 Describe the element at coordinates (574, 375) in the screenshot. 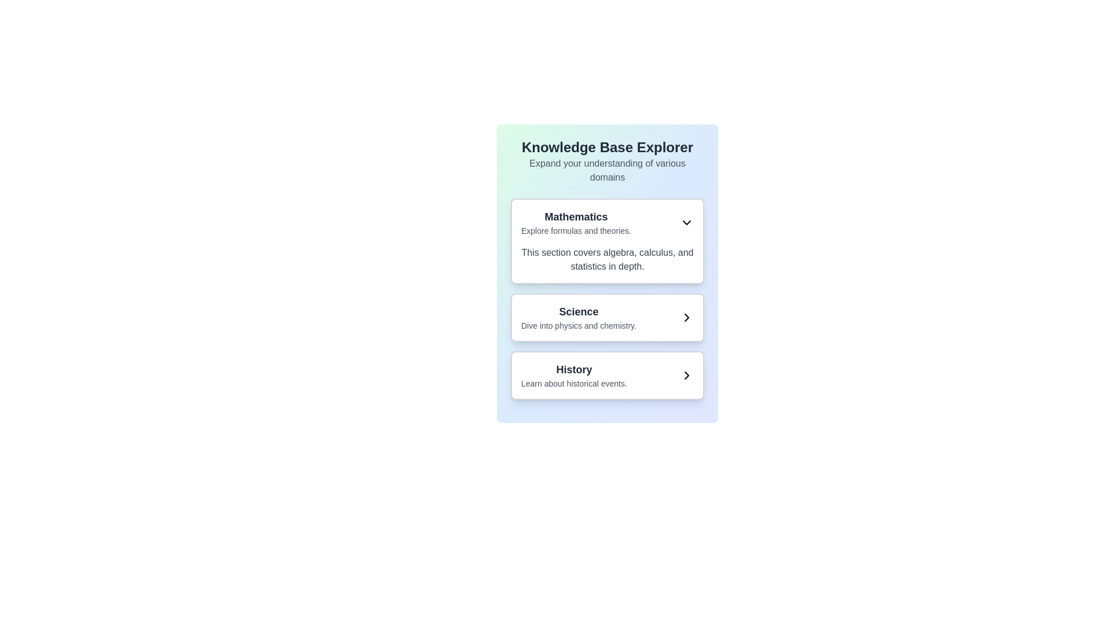

I see `the third navigation item in the 'Knowledge Base Explorer' section, which is related to historical events` at that location.